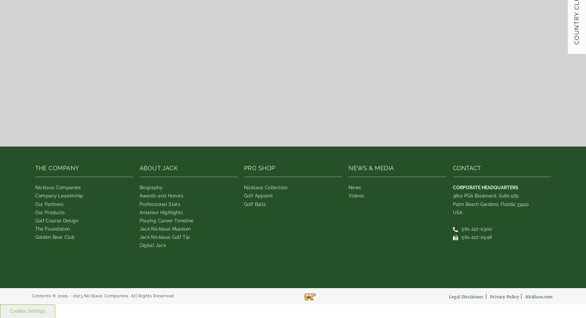 The image size is (586, 318). What do you see at coordinates (490, 203) in the screenshot?
I see `'Palm Beach Gardens, Florida 33410'` at bounding box center [490, 203].